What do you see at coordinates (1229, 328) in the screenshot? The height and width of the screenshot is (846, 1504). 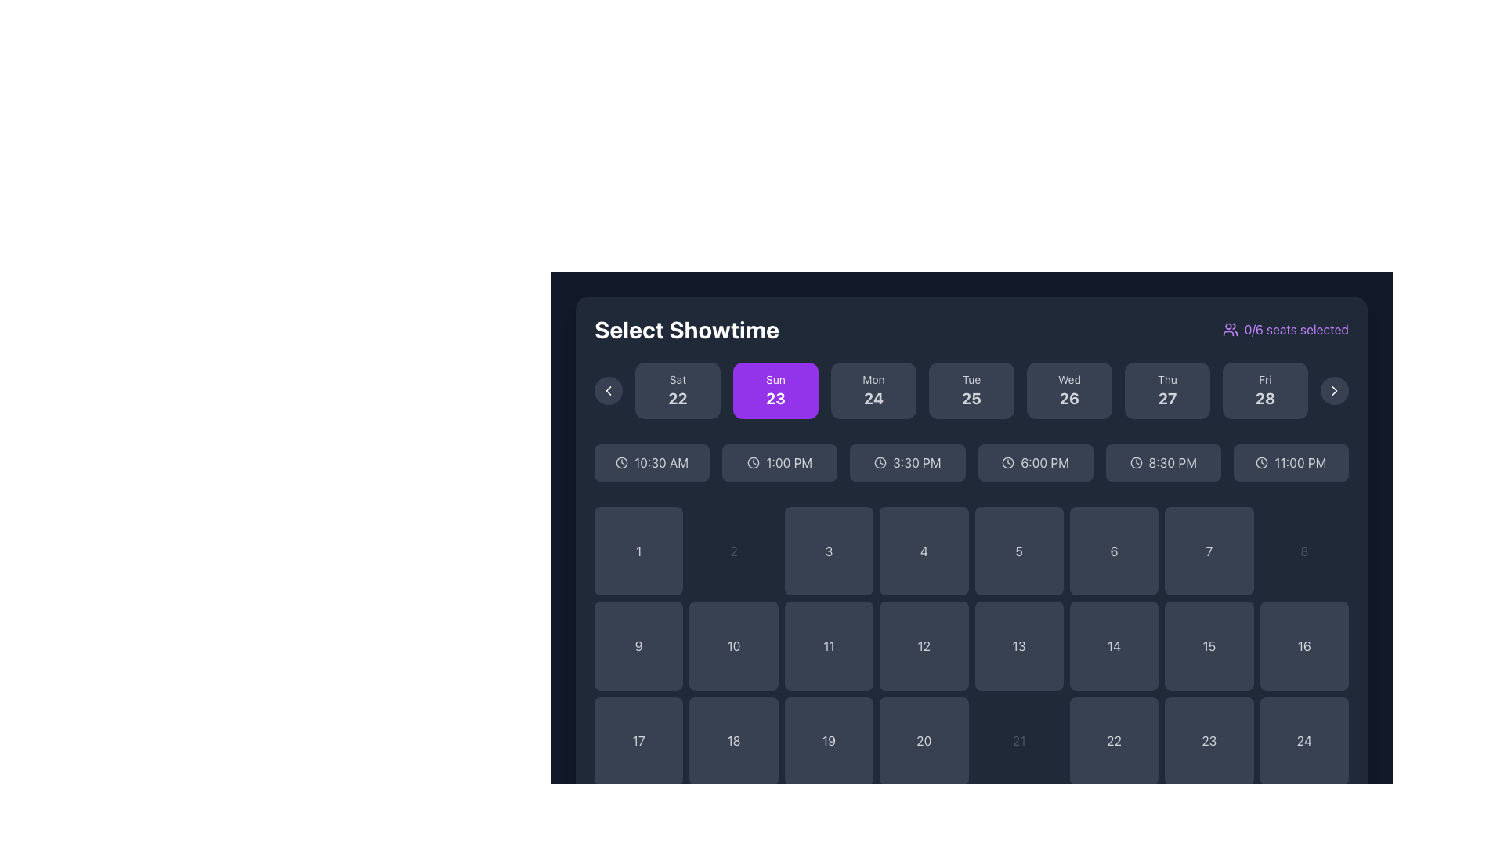 I see `the user icon styled as an outline of two people in purple, located in the top-right corner preceding the text '0/6 seats selected'` at bounding box center [1229, 328].